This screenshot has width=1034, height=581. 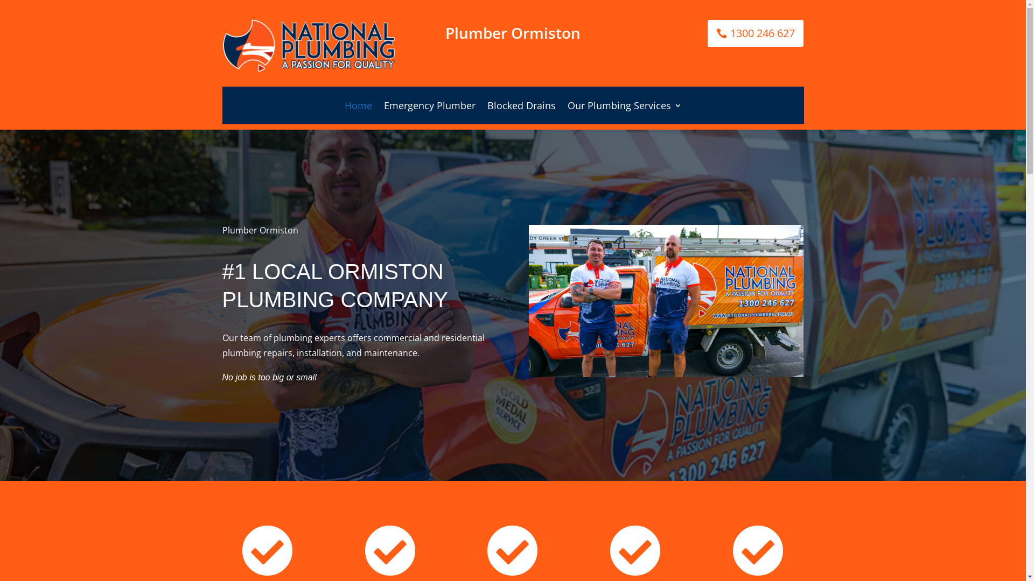 I want to click on 'Home', so click(x=358, y=108).